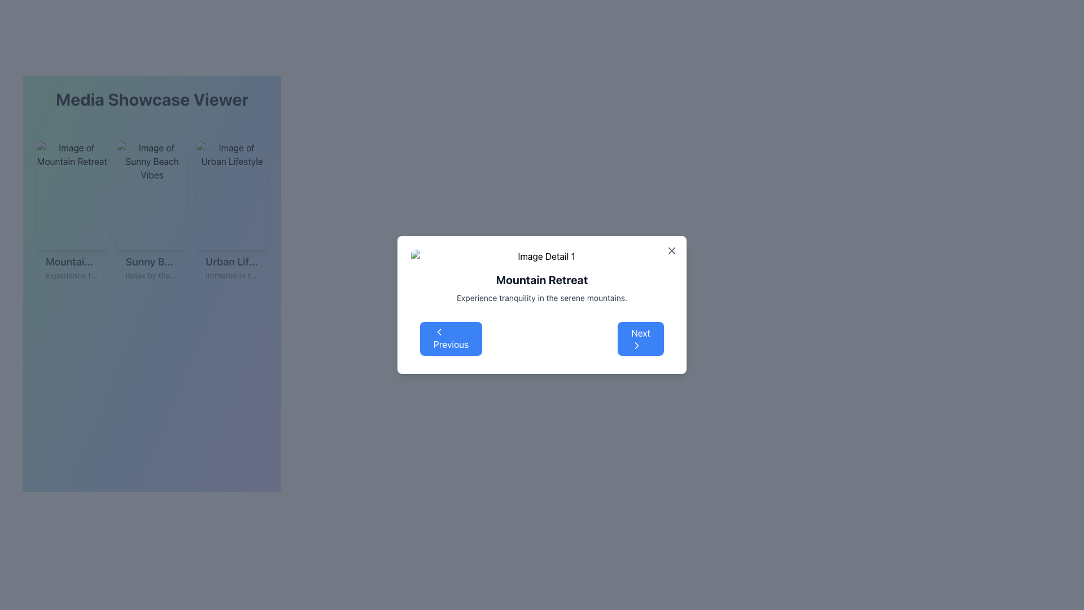 The image size is (1084, 610). I want to click on title text 'Media Showcase Viewer' located at the top of the page in a bold, larger font on a colorful gradient background, so click(151, 99).